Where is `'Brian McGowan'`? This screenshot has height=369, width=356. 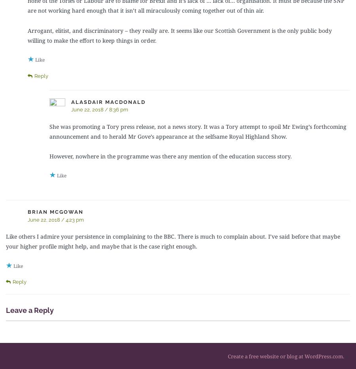 'Brian McGowan' is located at coordinates (55, 212).